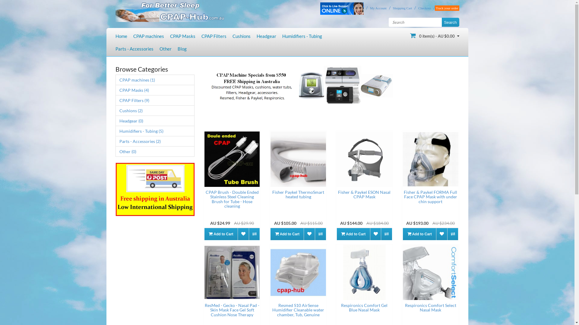  I want to click on 'Parts - Accessories (2)', so click(115, 141).